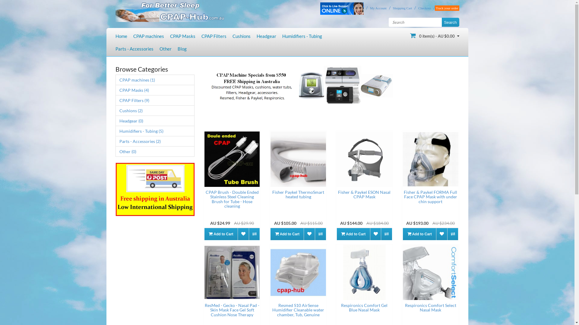  I want to click on 'Parts - Accessories (2)', so click(115, 141).